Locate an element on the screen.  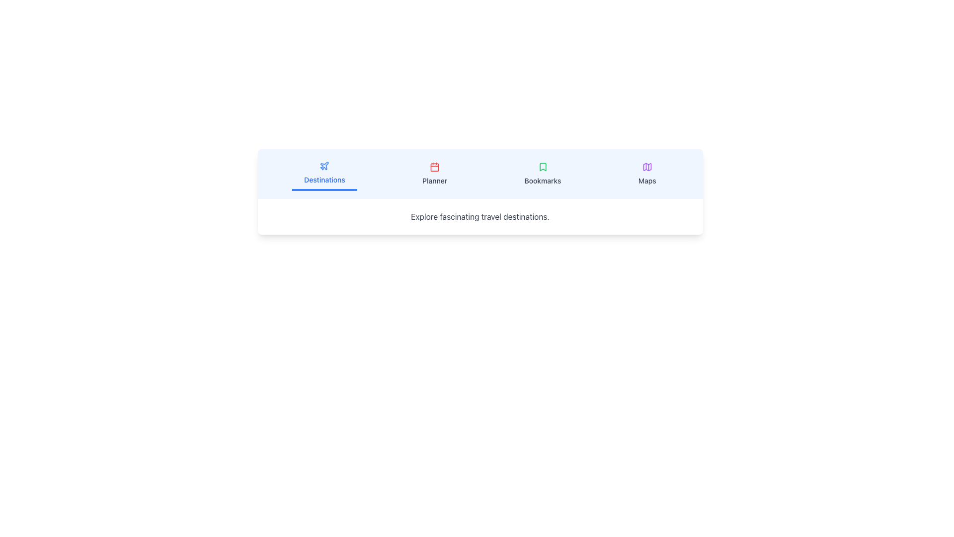
the blue airplane icon located in the navigation bar above the 'Destinations' tab is located at coordinates (324, 165).